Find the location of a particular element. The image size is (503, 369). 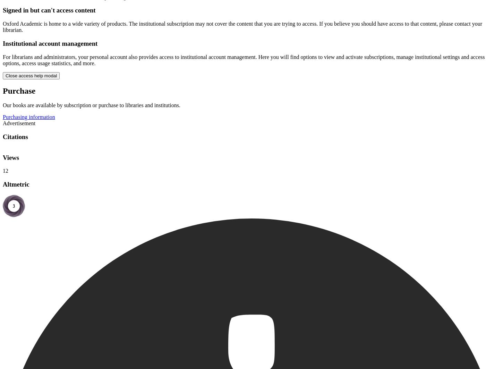

'Purchasing information' is located at coordinates (28, 117).